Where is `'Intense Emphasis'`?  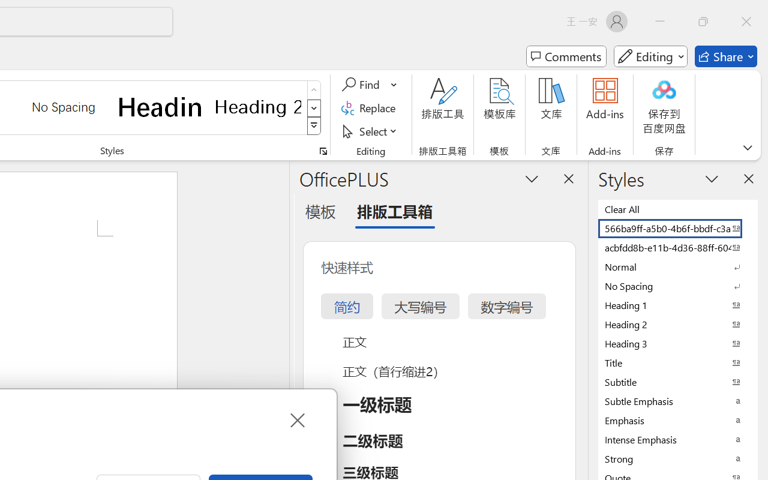
'Intense Emphasis' is located at coordinates (678, 439).